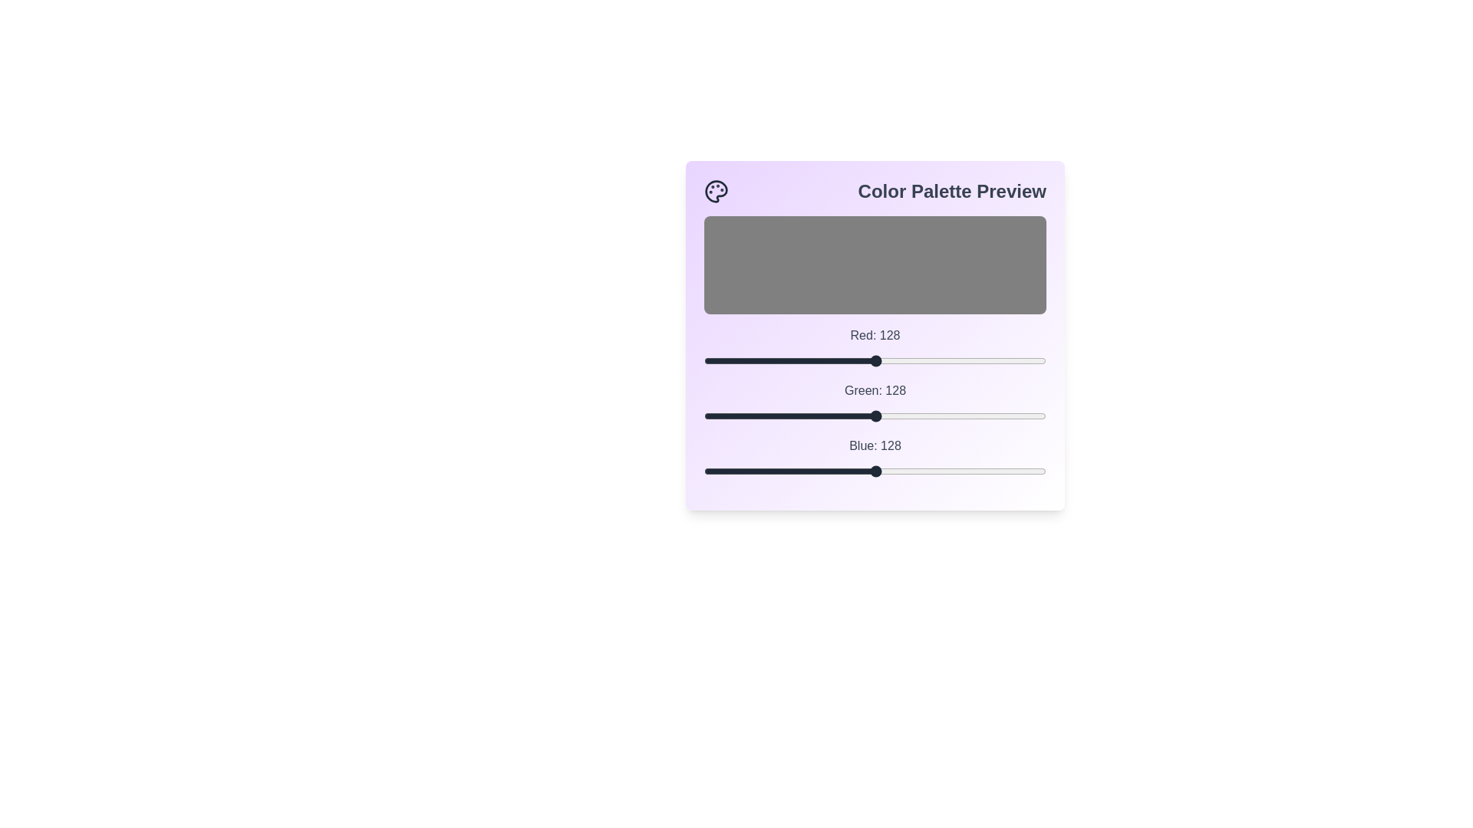 This screenshot has width=1473, height=828. I want to click on the green color value, so click(974, 416).